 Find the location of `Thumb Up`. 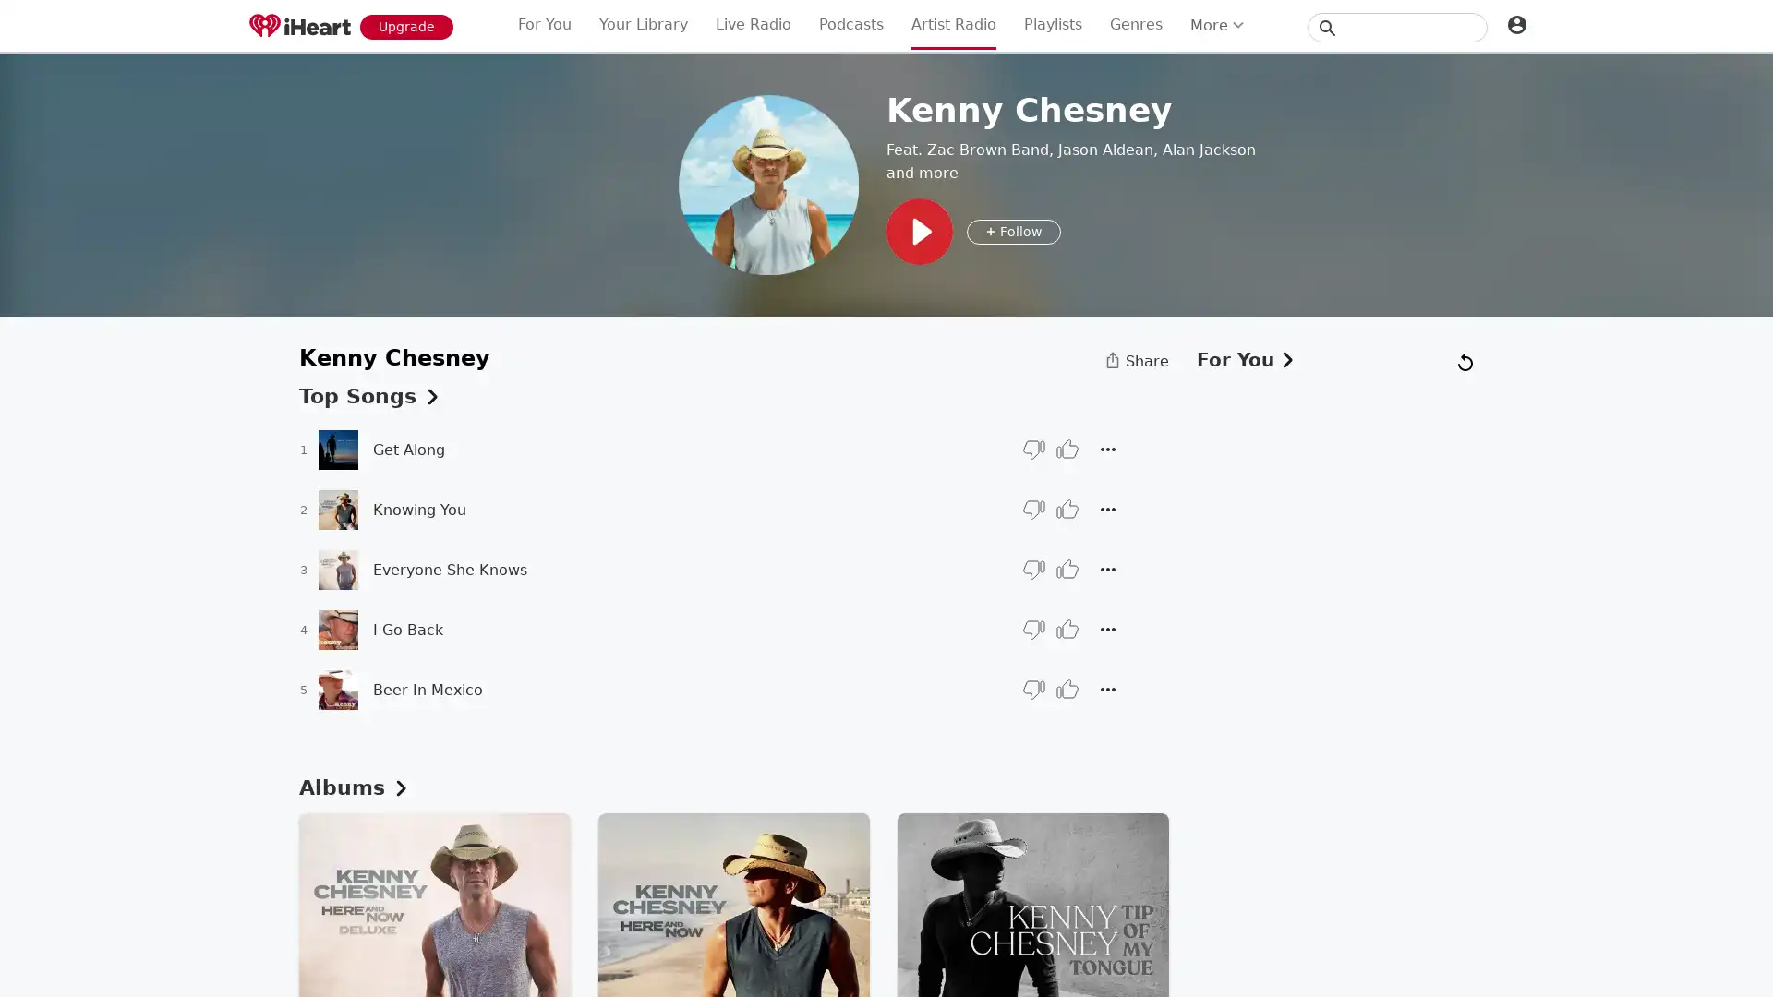

Thumb Up is located at coordinates (1067, 569).